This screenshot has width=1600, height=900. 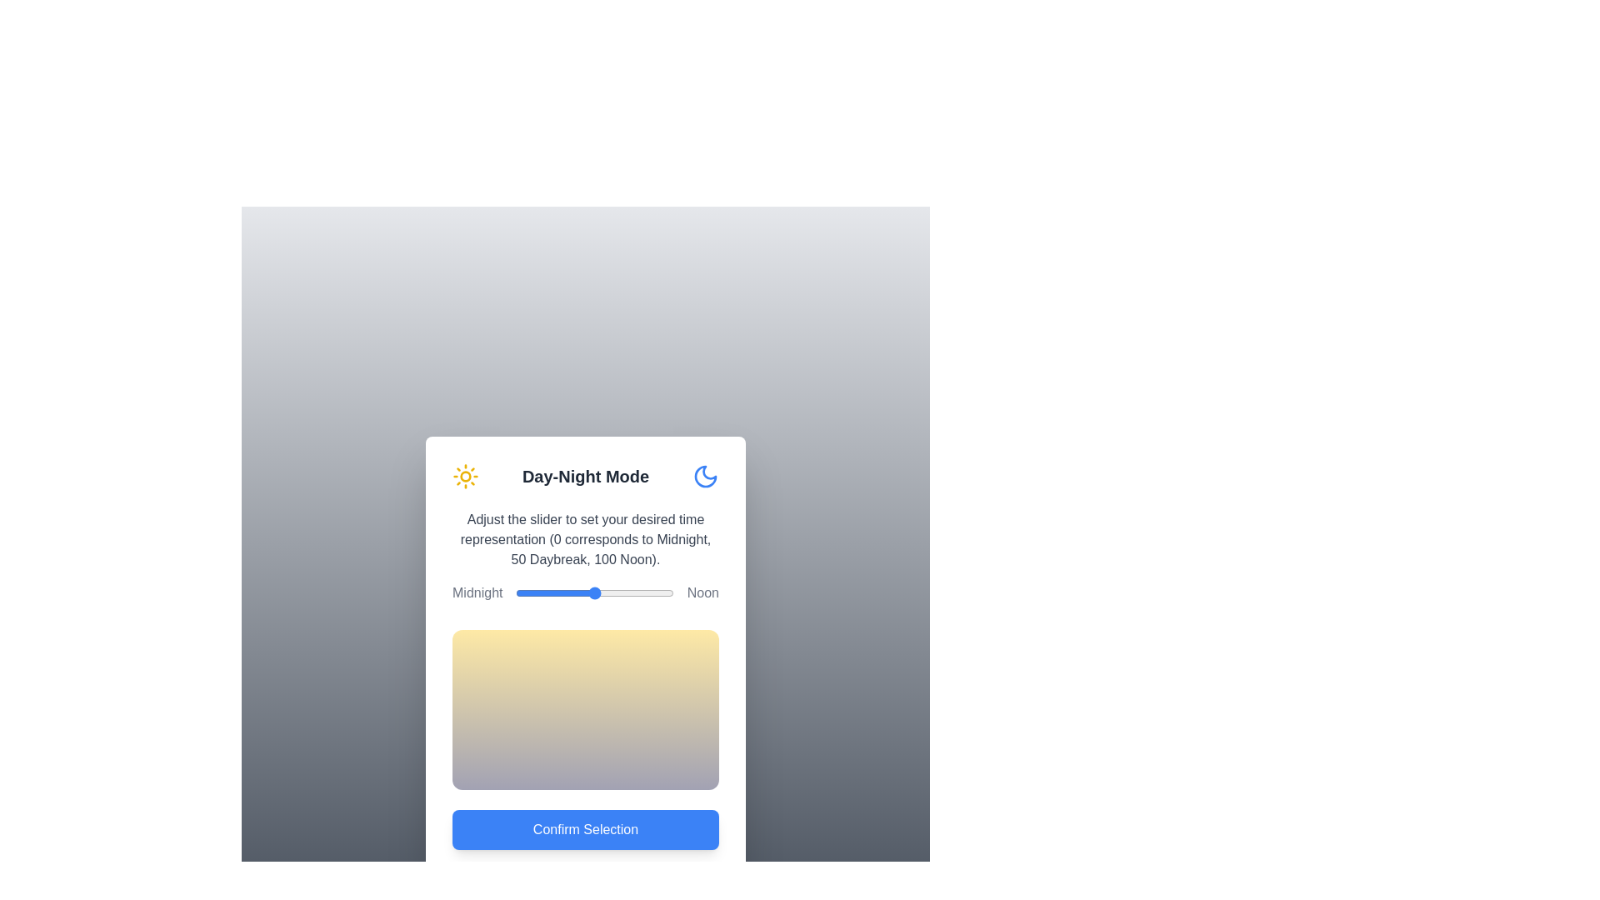 What do you see at coordinates (641, 592) in the screenshot?
I see `the slider to set the time representation to 80, observing the gradient change` at bounding box center [641, 592].